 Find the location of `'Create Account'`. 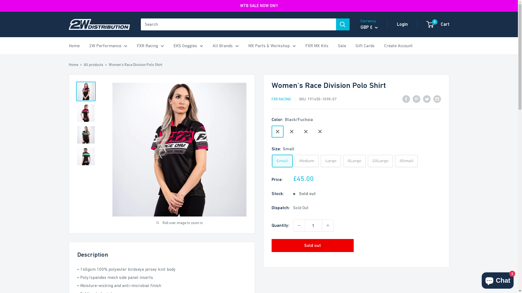

'Create Account' is located at coordinates (398, 46).